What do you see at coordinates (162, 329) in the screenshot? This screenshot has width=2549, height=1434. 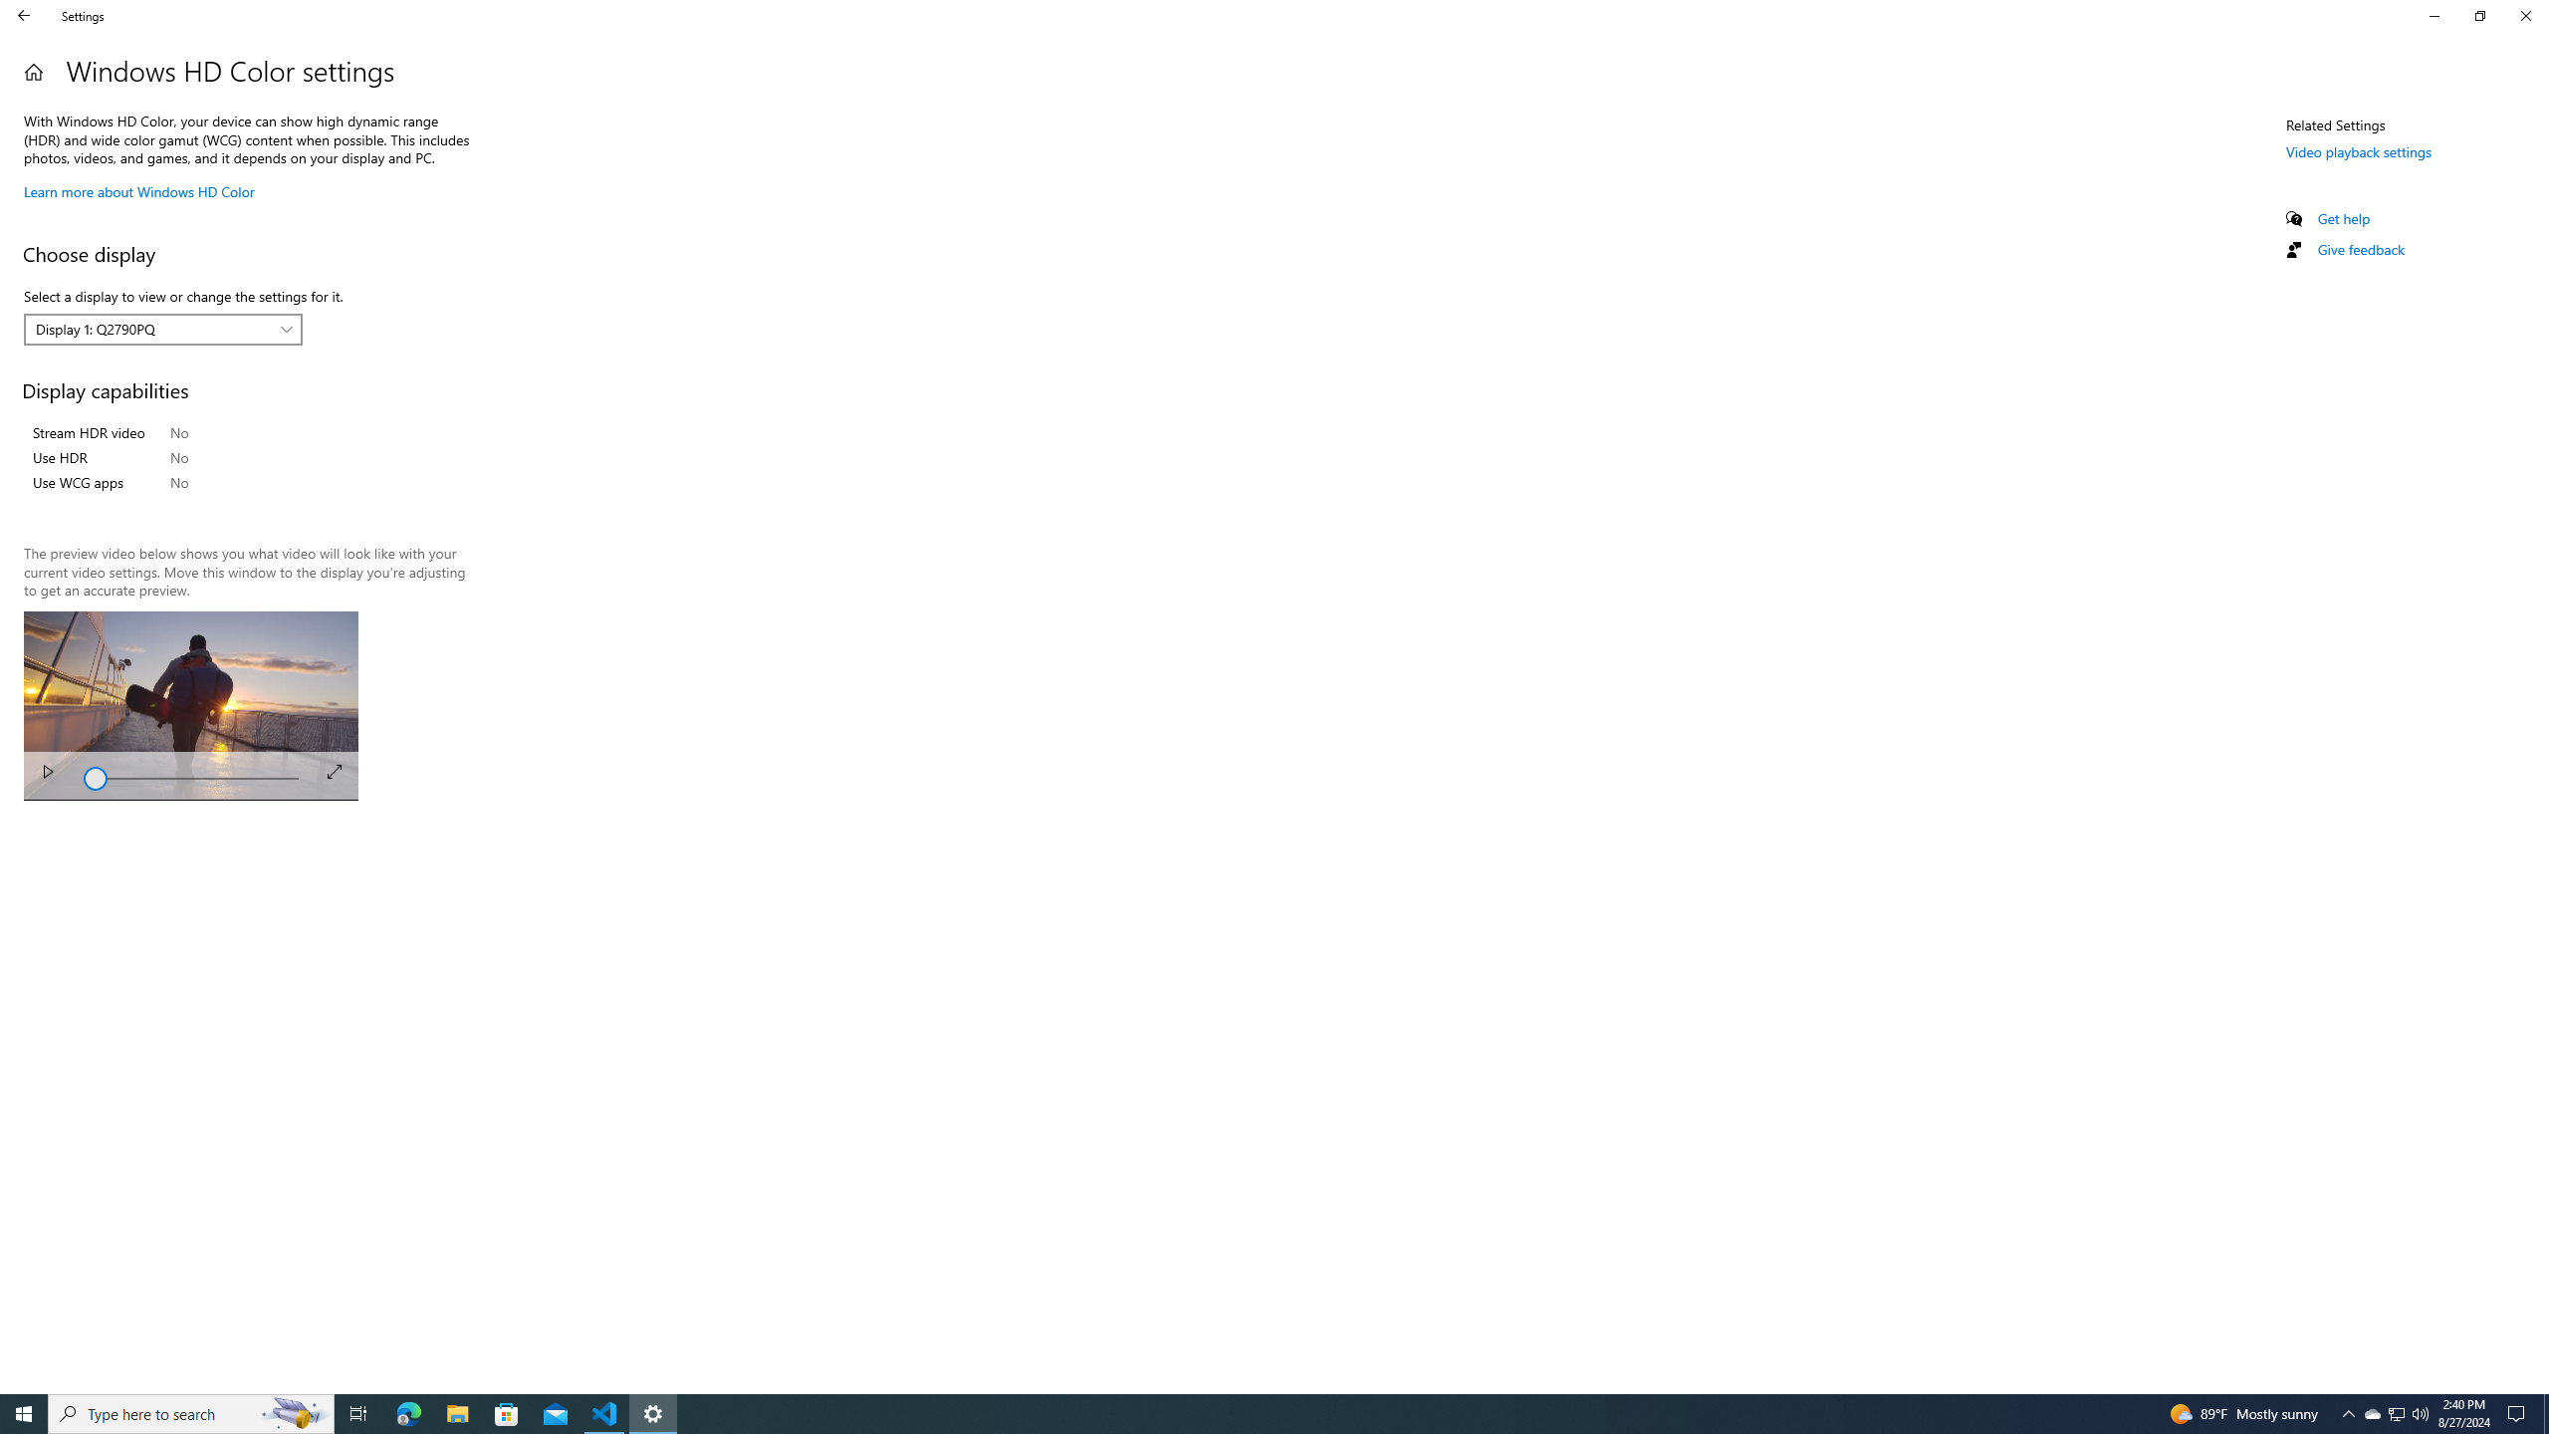 I see `'Select a display to view or change the settings for it.'` at bounding box center [162, 329].